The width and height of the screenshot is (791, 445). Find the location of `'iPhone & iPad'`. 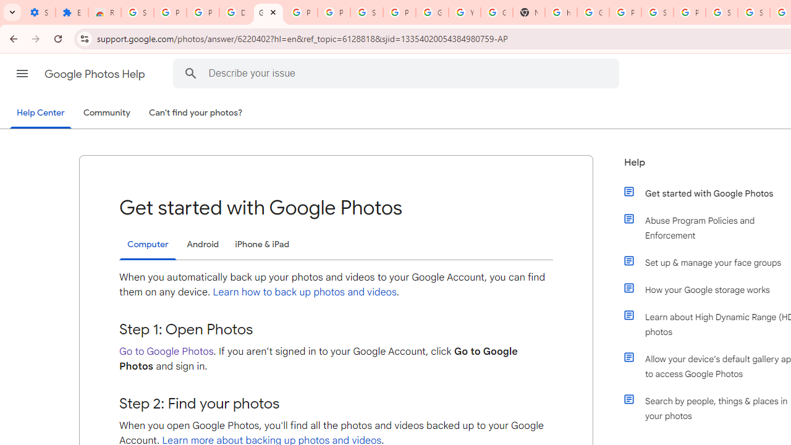

'iPhone & iPad' is located at coordinates (261, 244).